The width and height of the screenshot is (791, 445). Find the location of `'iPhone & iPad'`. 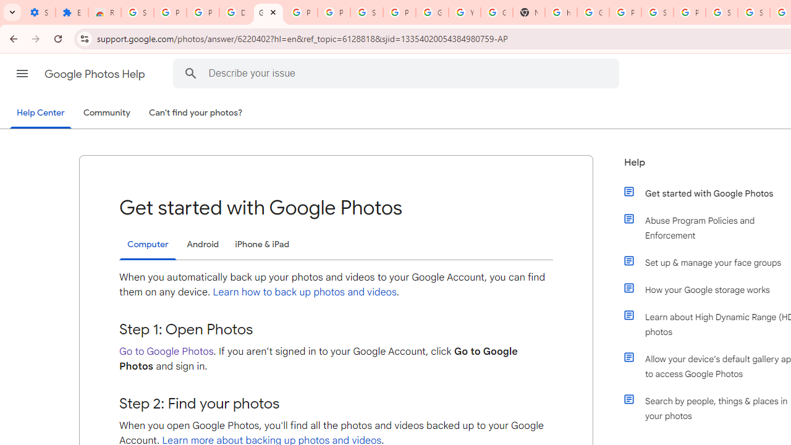

'iPhone & iPad' is located at coordinates (261, 244).